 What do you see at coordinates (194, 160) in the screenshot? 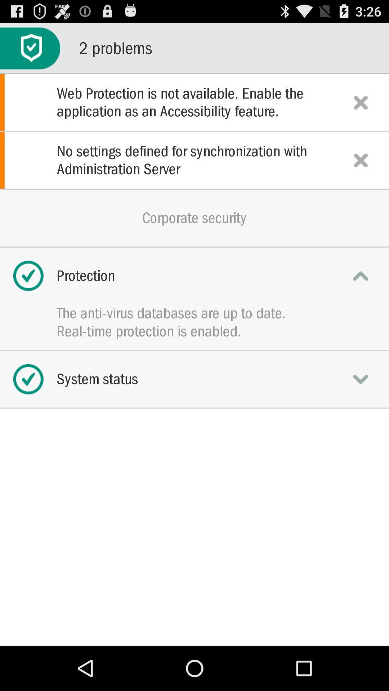
I see `no settings defined item` at bounding box center [194, 160].